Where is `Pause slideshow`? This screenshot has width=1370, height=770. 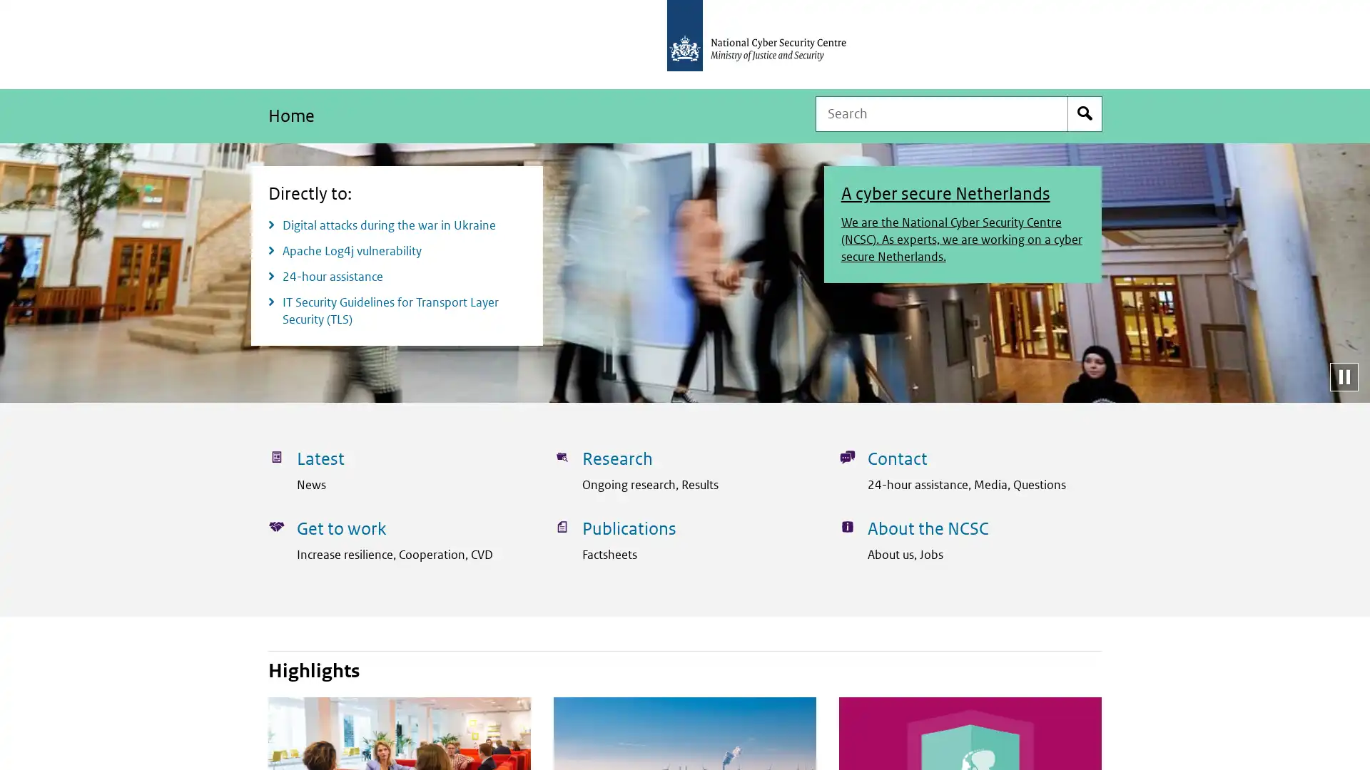
Pause slideshow is located at coordinates (1343, 376).